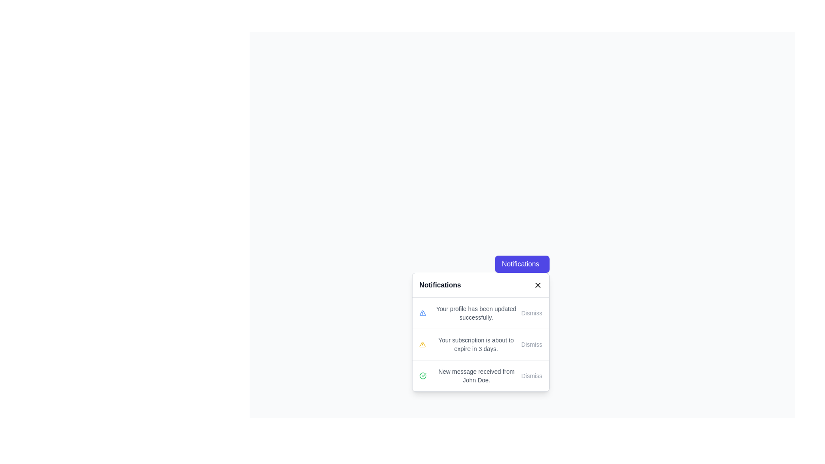  Describe the element at coordinates (522, 263) in the screenshot. I see `the 'Notifications' button, a rectangular button with a blue background and white text, located in the upper-right section above a notification dropdown` at that location.